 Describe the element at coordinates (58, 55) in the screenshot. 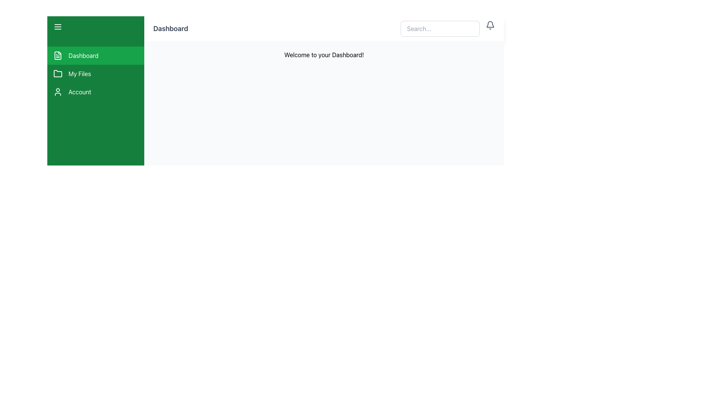

I see `the small white paper icon with text lines on a green background located at the top of the navigation sidebar, next to the 'Dashboard' menu item` at that location.